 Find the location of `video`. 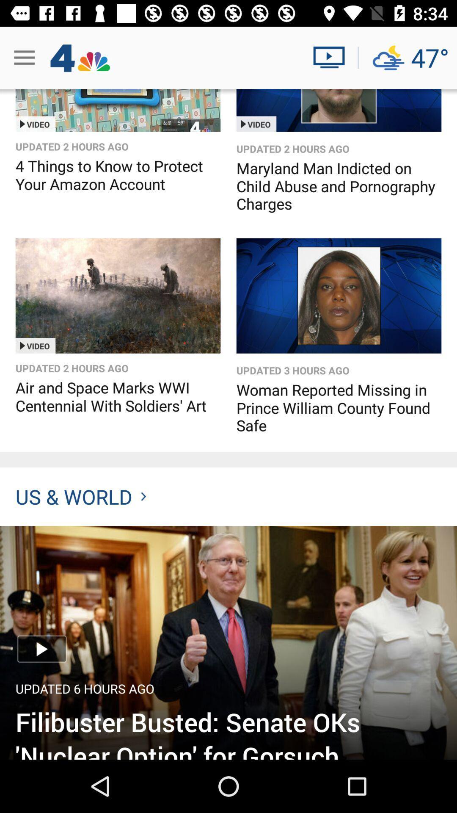

video is located at coordinates (118, 296).